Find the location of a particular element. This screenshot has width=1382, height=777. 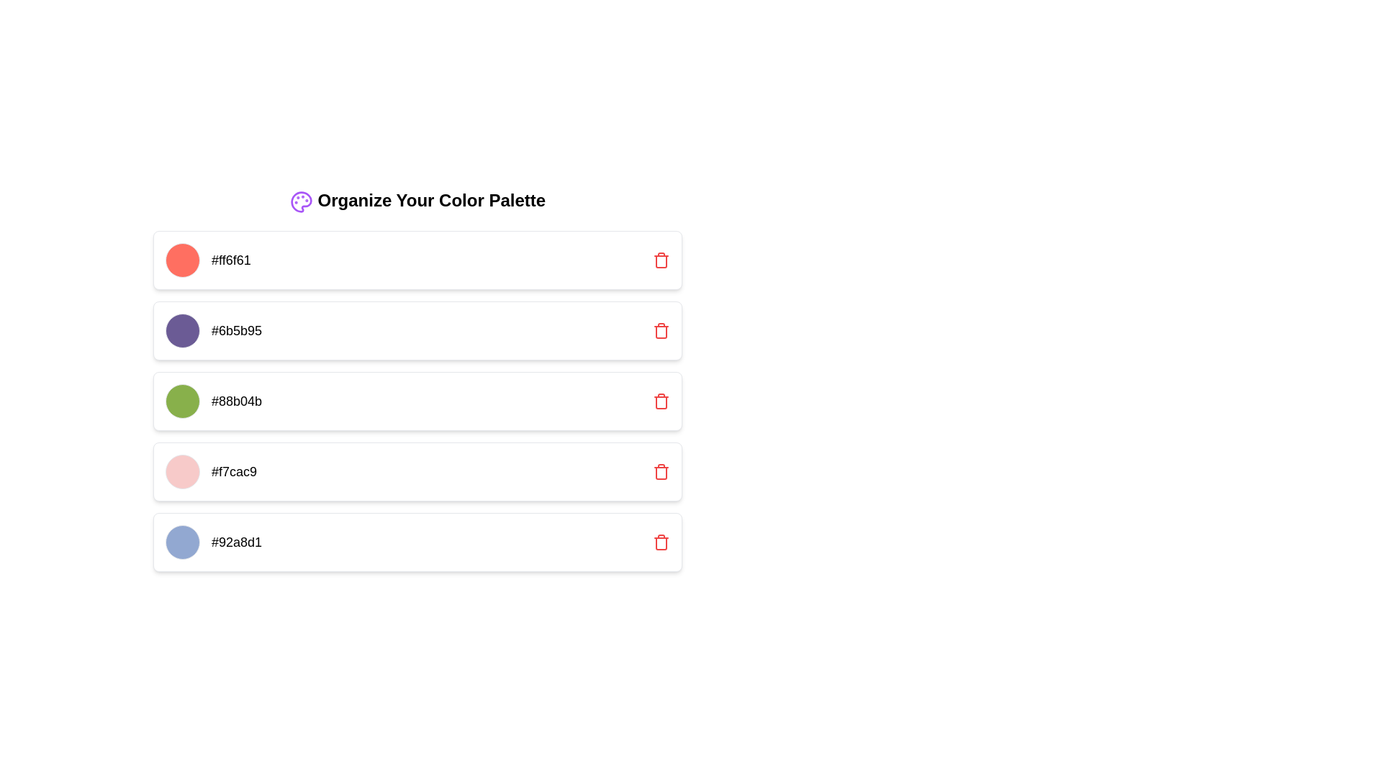

the delete button associated with the color swatch '#92a8d1' is located at coordinates (660, 541).